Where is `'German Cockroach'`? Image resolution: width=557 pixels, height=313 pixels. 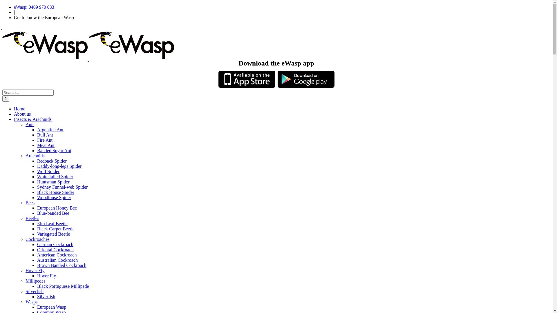
'German Cockroach' is located at coordinates (37, 244).